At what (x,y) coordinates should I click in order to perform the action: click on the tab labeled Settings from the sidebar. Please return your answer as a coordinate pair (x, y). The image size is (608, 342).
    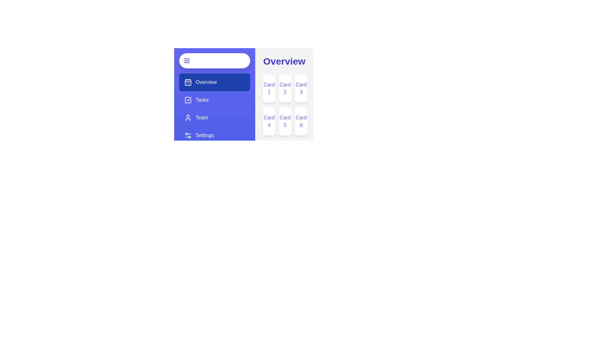
    Looking at the image, I should click on (214, 135).